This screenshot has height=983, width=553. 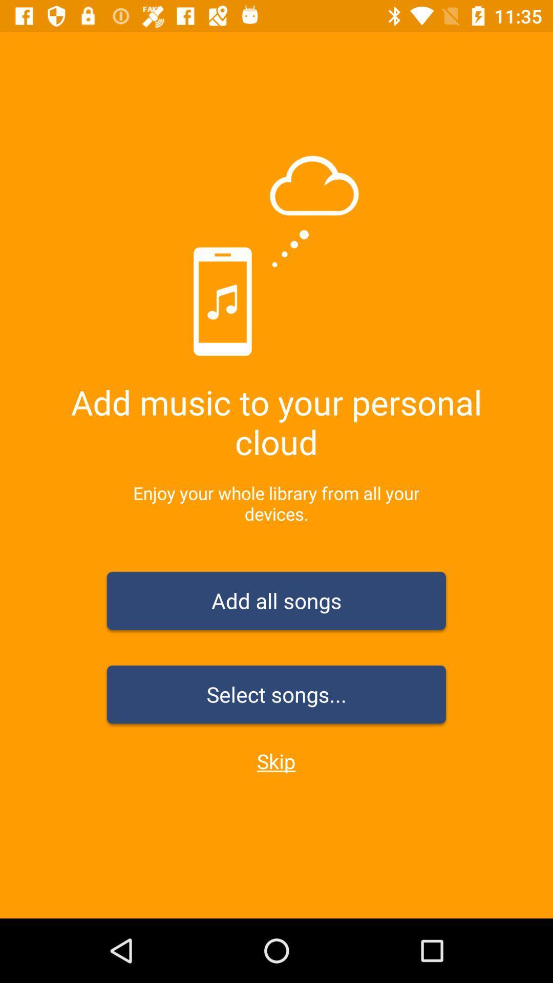 What do you see at coordinates (275, 761) in the screenshot?
I see `the skip` at bounding box center [275, 761].